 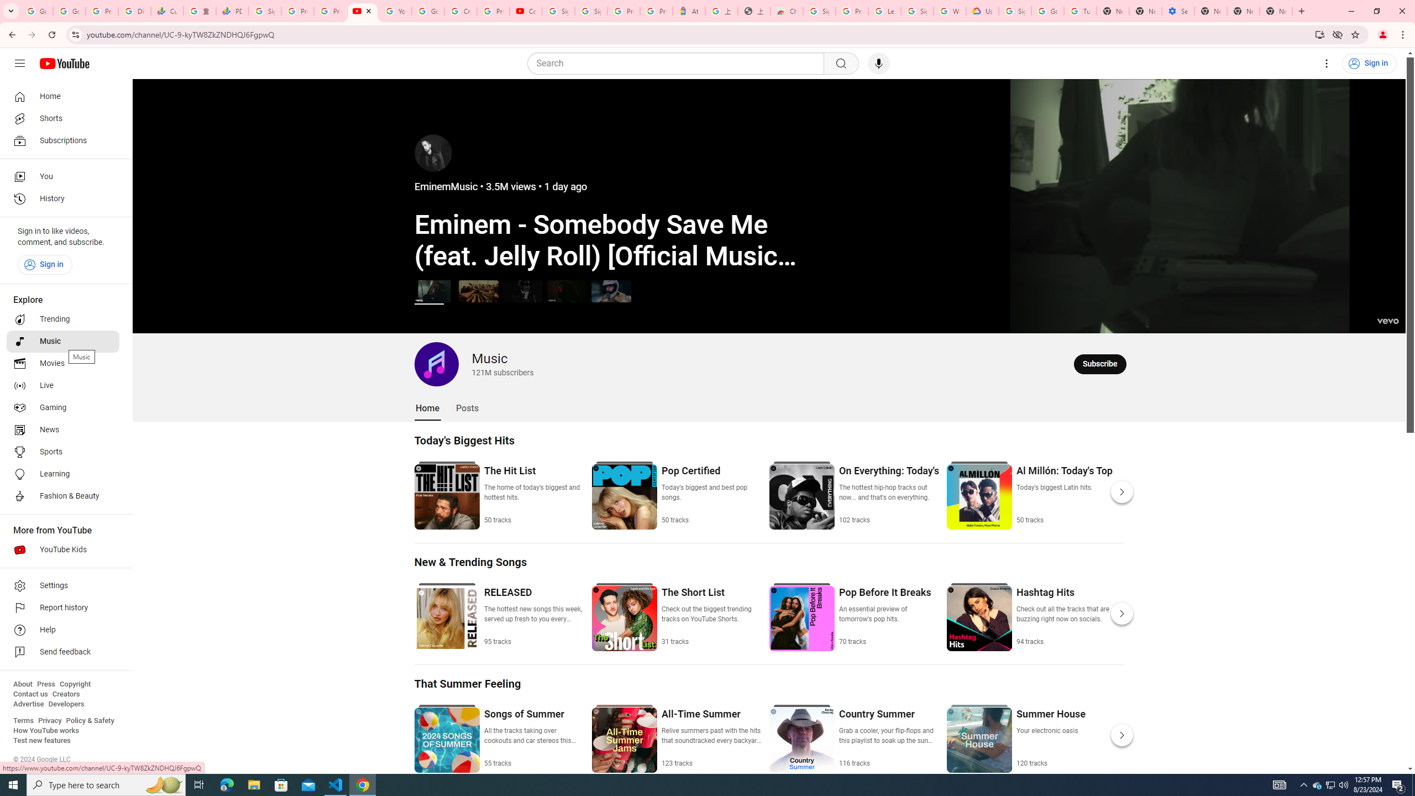 What do you see at coordinates (30, 694) in the screenshot?
I see `'Contact us'` at bounding box center [30, 694].